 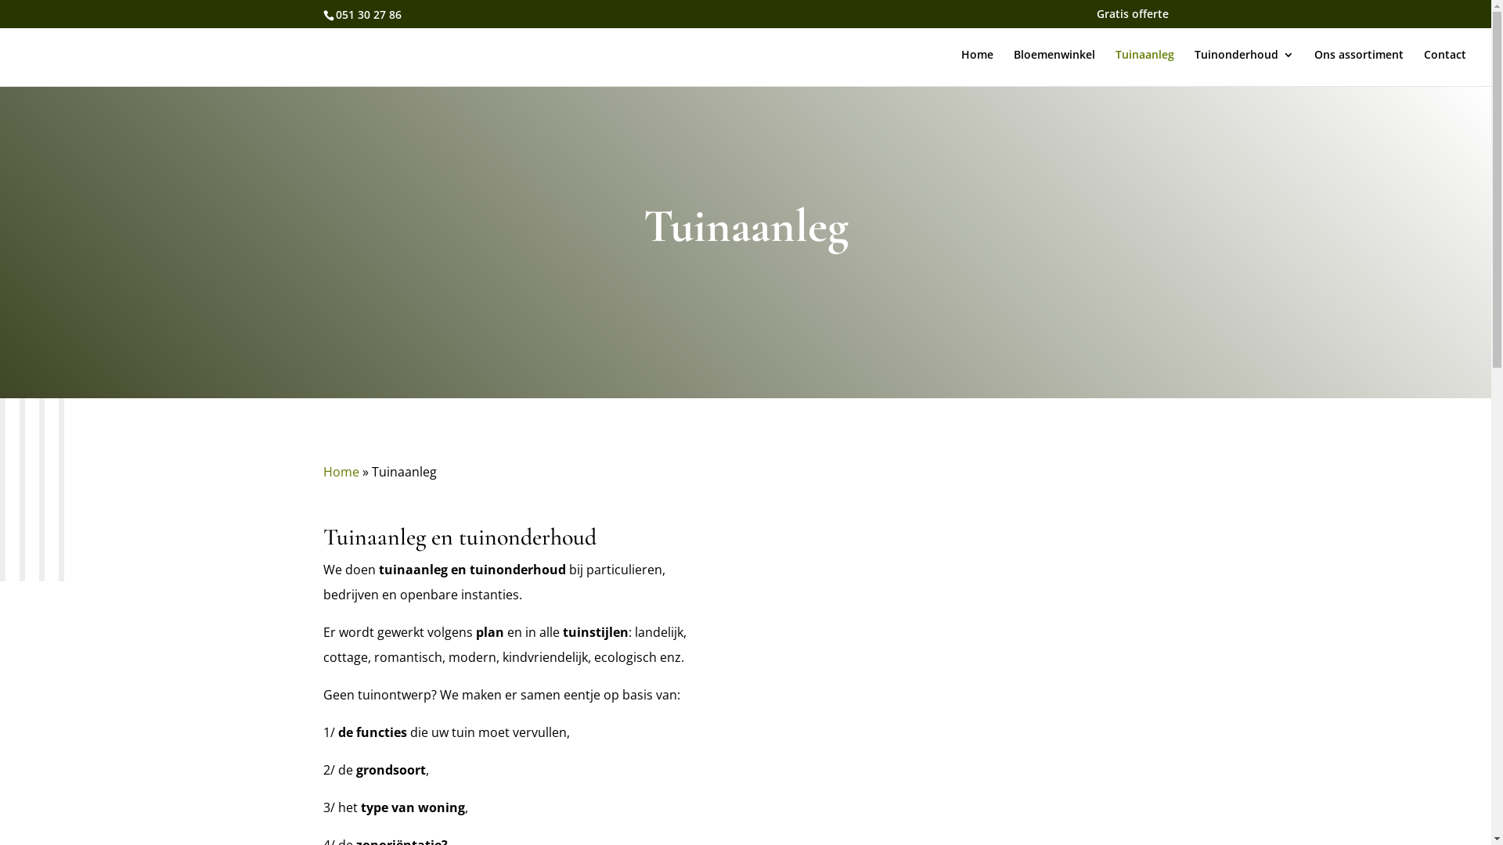 What do you see at coordinates (1444, 67) in the screenshot?
I see `'Contact'` at bounding box center [1444, 67].